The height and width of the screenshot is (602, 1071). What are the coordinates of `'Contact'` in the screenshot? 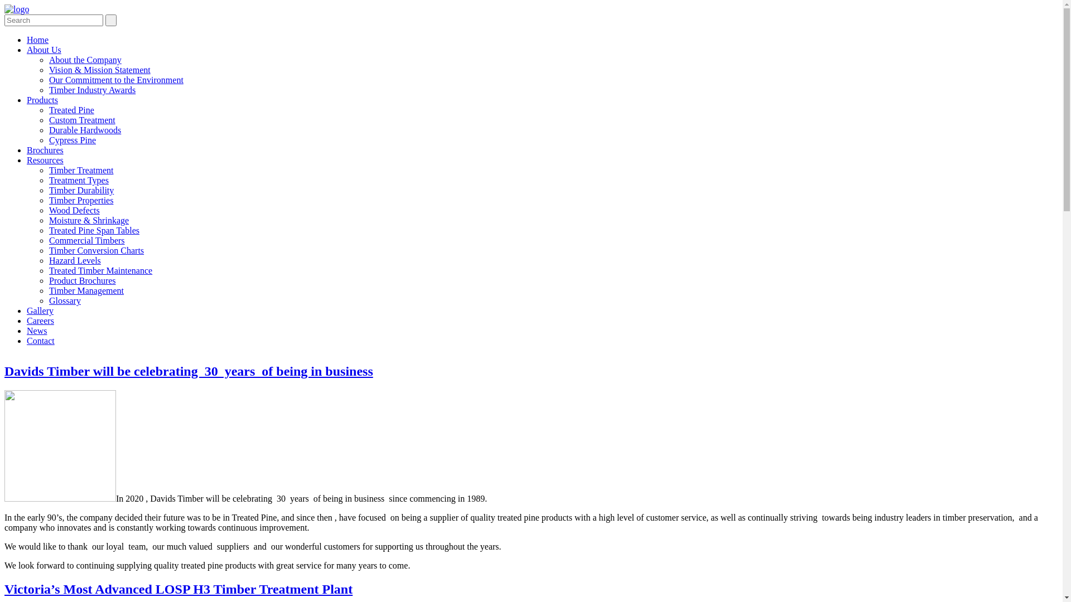 It's located at (40, 340).